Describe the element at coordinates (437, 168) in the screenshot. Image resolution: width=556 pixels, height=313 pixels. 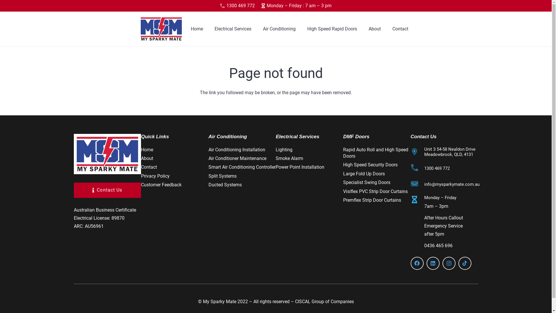
I see `'1300 469 772'` at that location.